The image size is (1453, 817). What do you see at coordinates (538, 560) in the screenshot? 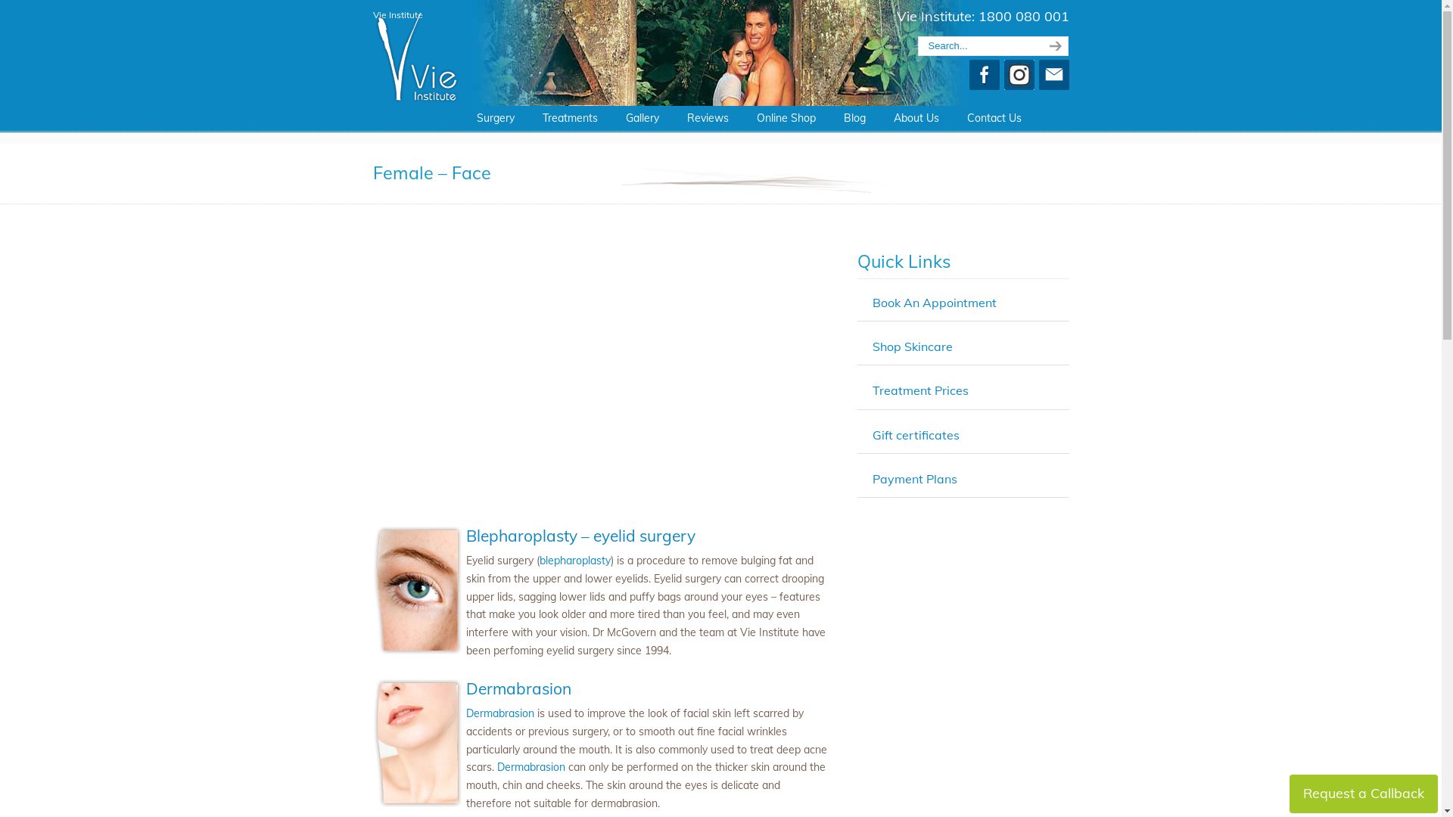
I see `'blepharoplasty'` at bounding box center [538, 560].